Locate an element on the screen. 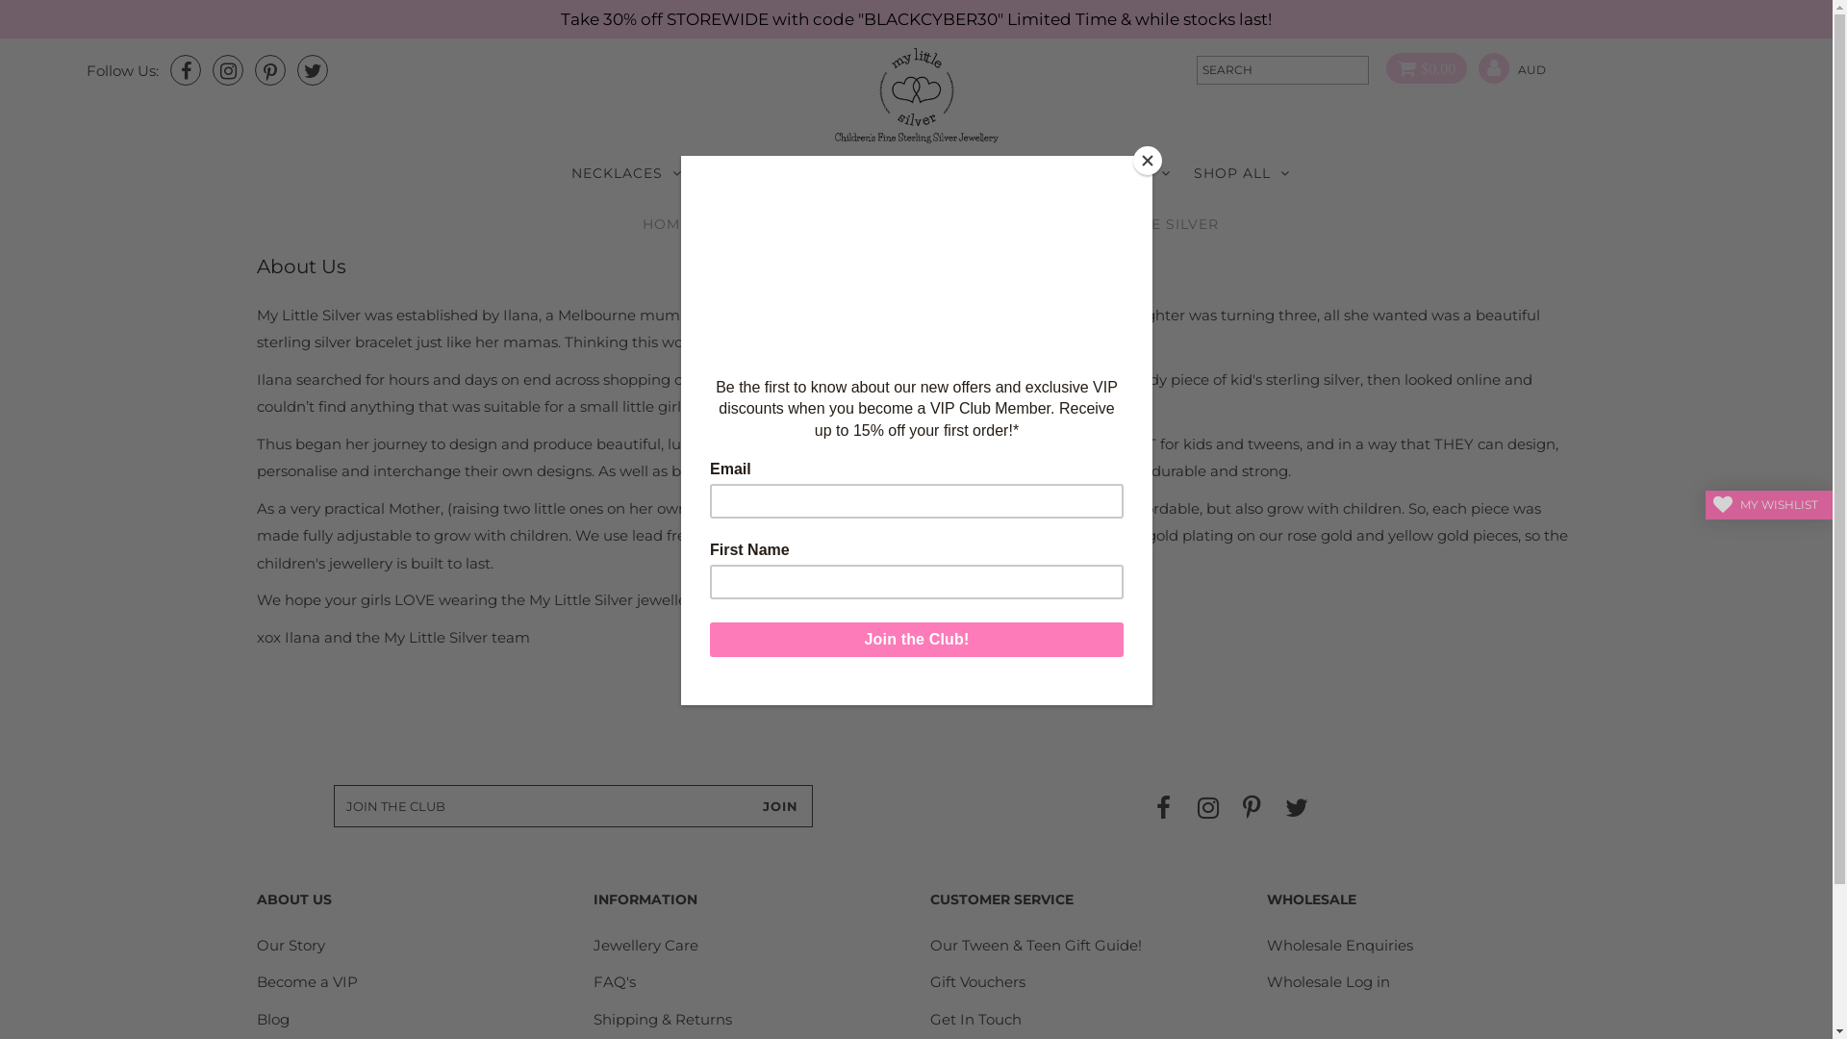 Image resolution: width=1847 pixels, height=1039 pixels. 'Gift Vouchers' is located at coordinates (929, 981).